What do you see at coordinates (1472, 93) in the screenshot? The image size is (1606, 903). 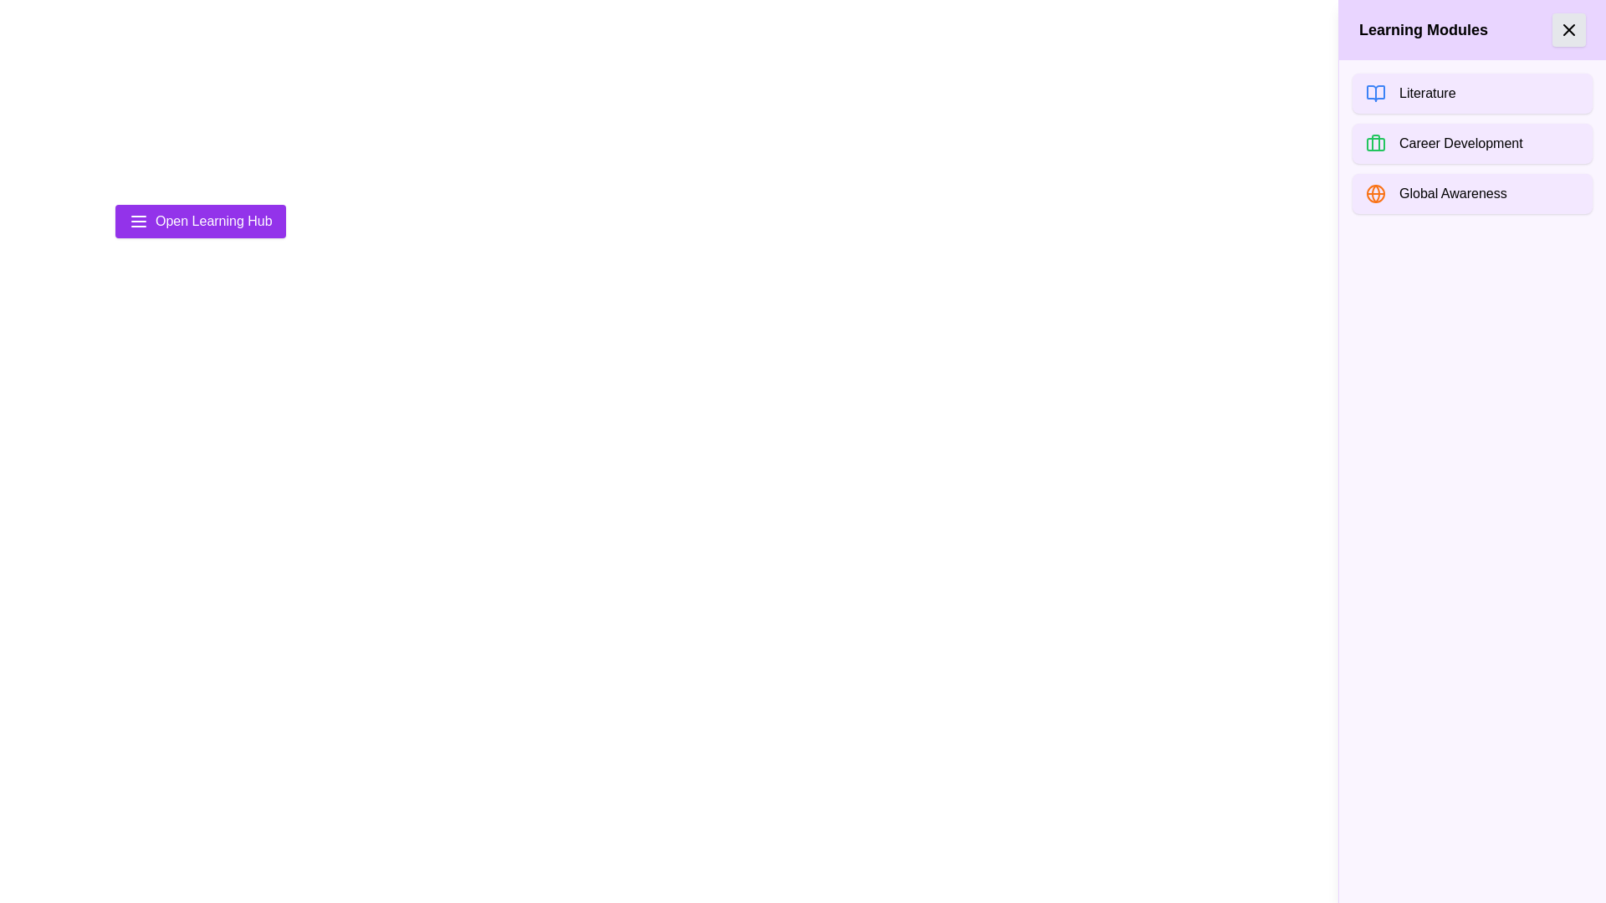 I see `the 'Literature' module to select it` at bounding box center [1472, 93].